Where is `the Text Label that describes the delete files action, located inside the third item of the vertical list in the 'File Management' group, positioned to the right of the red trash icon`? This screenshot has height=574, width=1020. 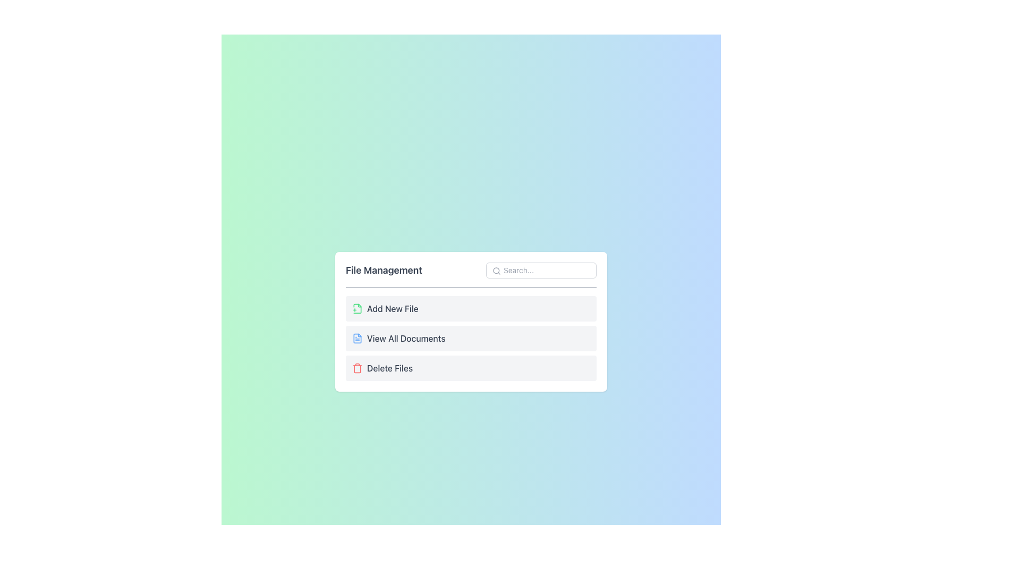
the Text Label that describes the delete files action, located inside the third item of the vertical list in the 'File Management' group, positioned to the right of the red trash icon is located at coordinates (389, 367).